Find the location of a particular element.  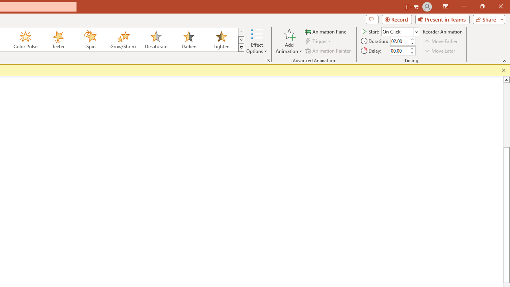

'Animation Delay' is located at coordinates (399, 51).